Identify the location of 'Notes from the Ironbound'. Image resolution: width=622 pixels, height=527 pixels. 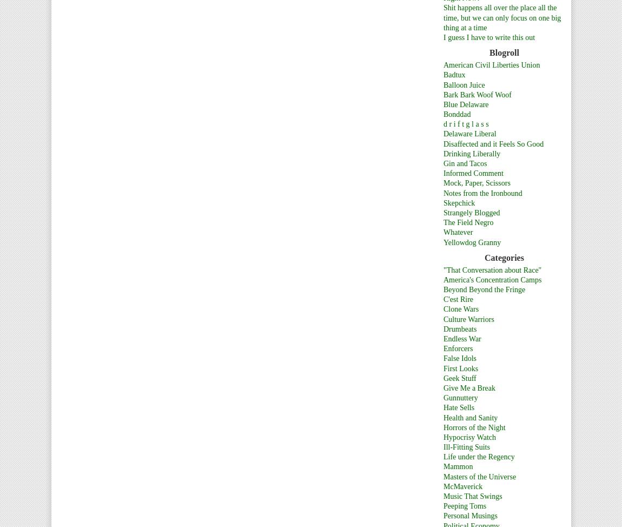
(482, 193).